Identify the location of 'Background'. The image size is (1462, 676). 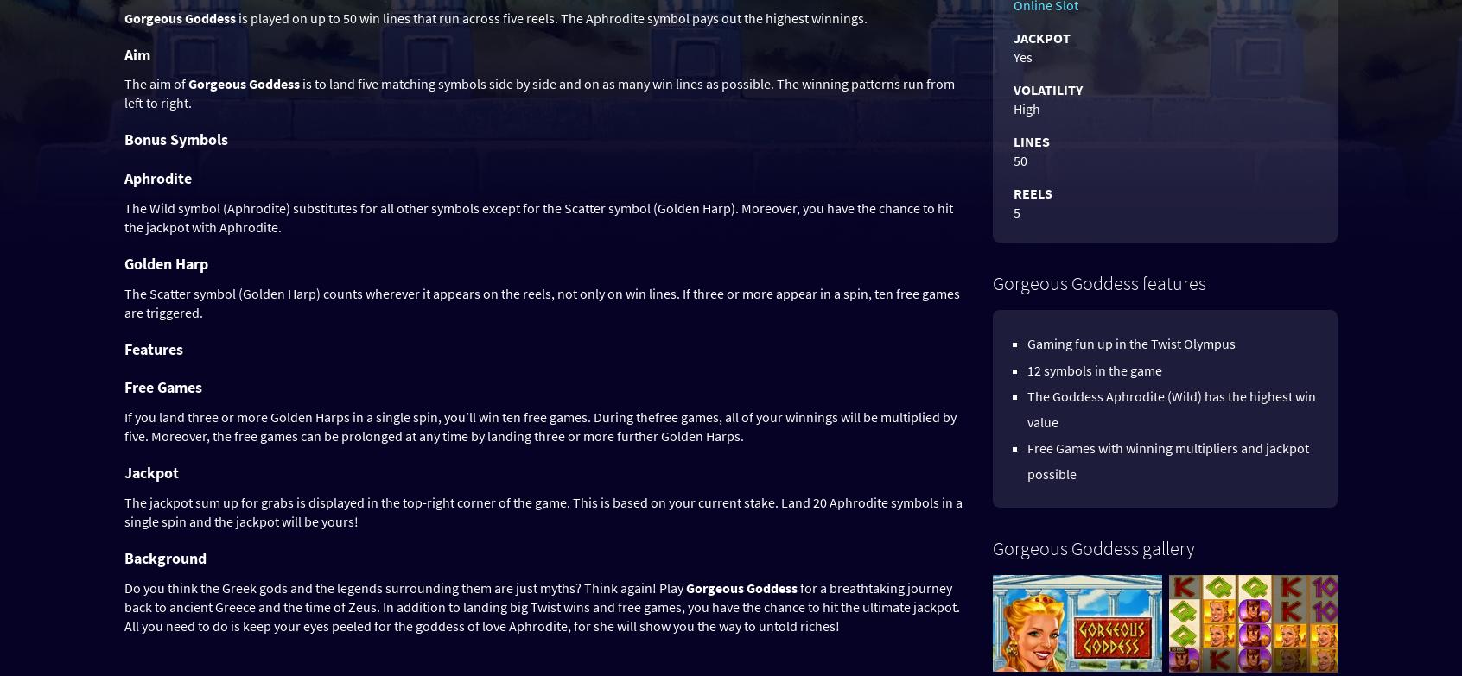
(164, 556).